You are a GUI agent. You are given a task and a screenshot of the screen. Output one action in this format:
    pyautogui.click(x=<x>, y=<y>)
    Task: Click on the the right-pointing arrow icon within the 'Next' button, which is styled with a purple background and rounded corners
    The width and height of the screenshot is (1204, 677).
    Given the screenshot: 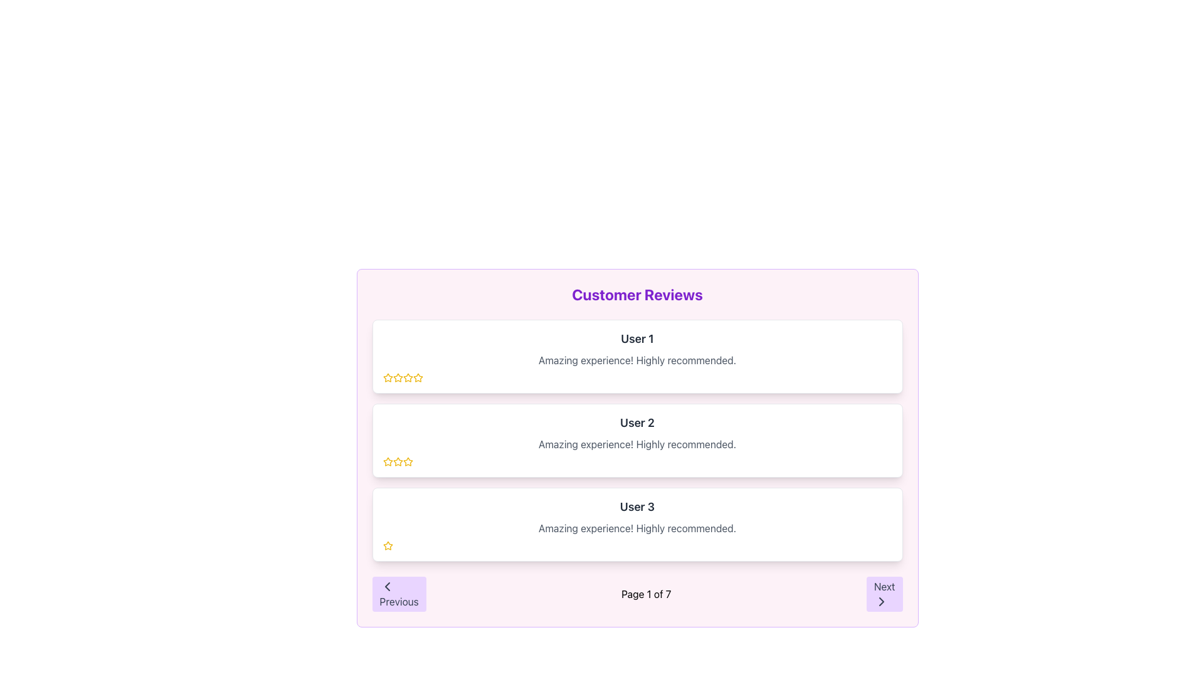 What is the action you would take?
    pyautogui.click(x=880, y=601)
    